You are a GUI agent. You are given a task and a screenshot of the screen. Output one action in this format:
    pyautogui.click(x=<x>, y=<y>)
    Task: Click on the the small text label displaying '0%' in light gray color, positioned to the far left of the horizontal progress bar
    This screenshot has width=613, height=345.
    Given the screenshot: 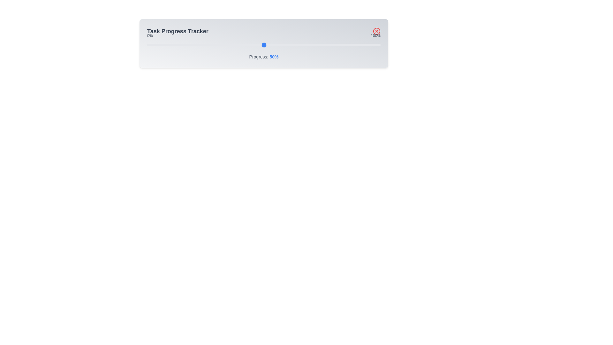 What is the action you would take?
    pyautogui.click(x=149, y=35)
    